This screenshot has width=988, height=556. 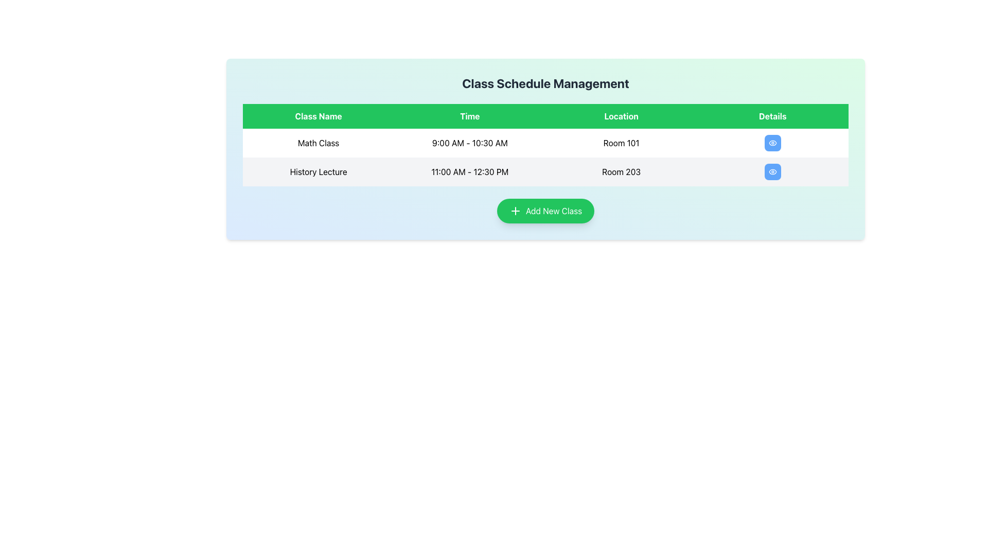 I want to click on the static text header that indicates class names in the first column of the header row of a table, so click(x=318, y=116).